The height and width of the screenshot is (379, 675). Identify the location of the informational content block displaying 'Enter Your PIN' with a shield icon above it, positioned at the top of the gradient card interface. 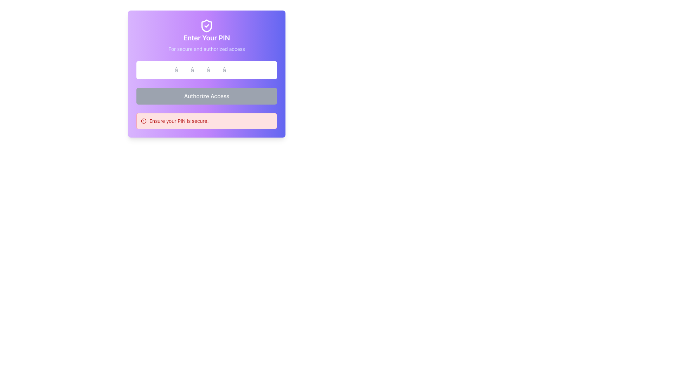
(206, 35).